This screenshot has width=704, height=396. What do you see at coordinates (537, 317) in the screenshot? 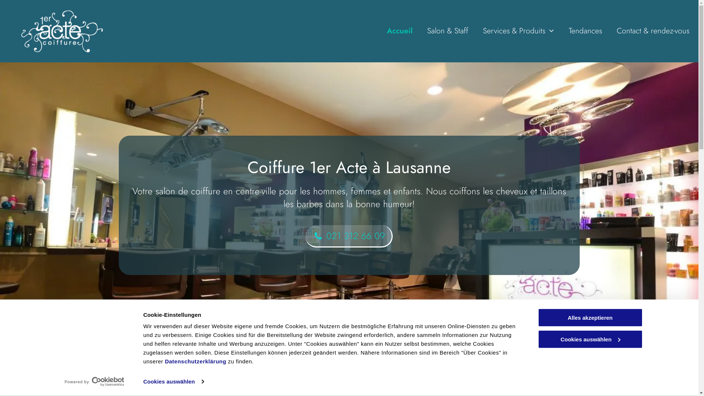
I see `'Alles akzeptieren'` at bounding box center [537, 317].